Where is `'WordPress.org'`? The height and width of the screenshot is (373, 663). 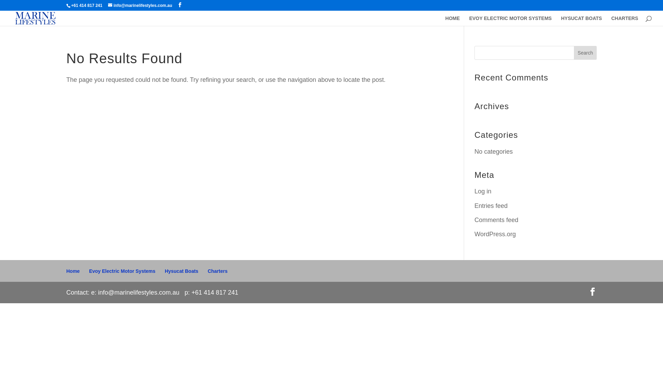
'WordPress.org' is located at coordinates (495, 234).